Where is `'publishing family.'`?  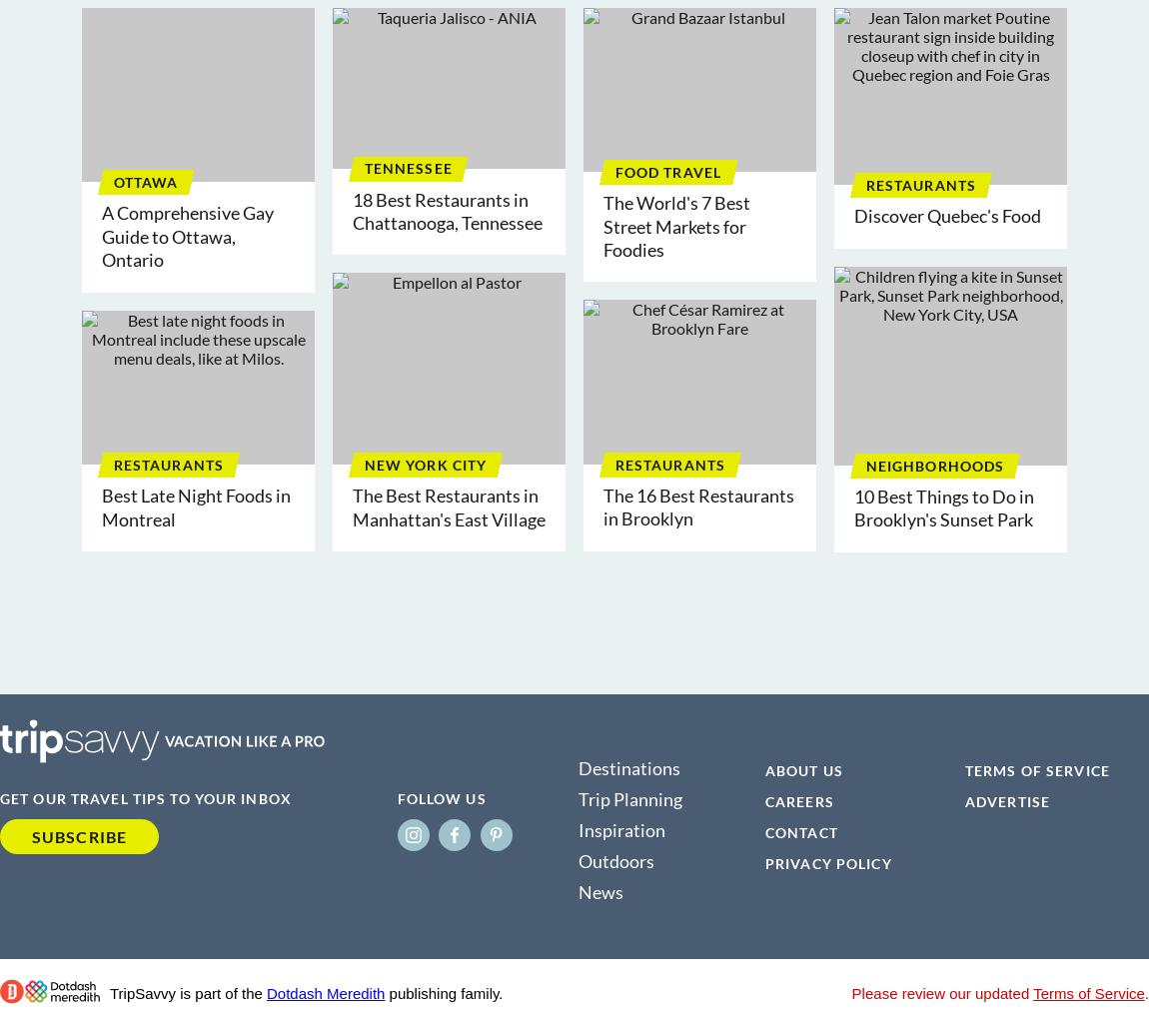 'publishing family.' is located at coordinates (444, 992).